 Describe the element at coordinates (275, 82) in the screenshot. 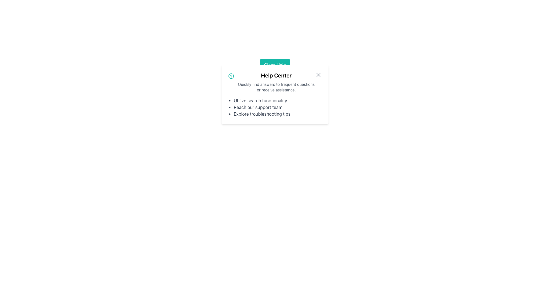

I see `the 'Help Center' informational section to read the content, which includes the bold title and descriptive text` at that location.